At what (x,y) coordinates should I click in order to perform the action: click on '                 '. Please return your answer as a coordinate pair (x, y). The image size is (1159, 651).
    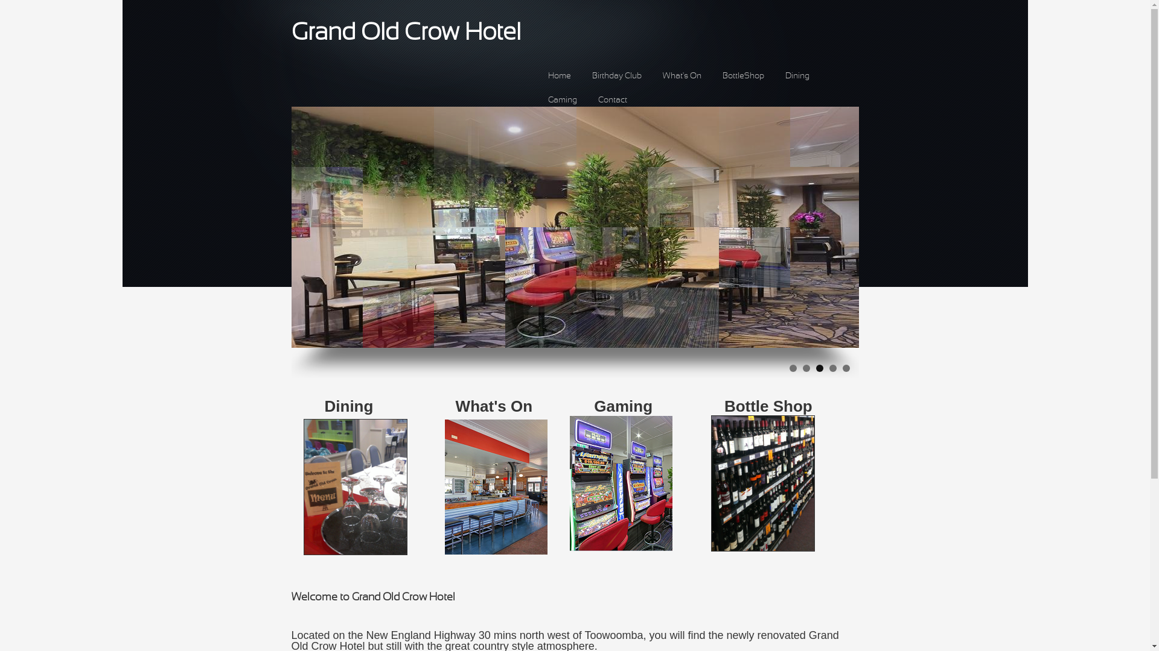
    Looking at the image, I should click on (831, 549).